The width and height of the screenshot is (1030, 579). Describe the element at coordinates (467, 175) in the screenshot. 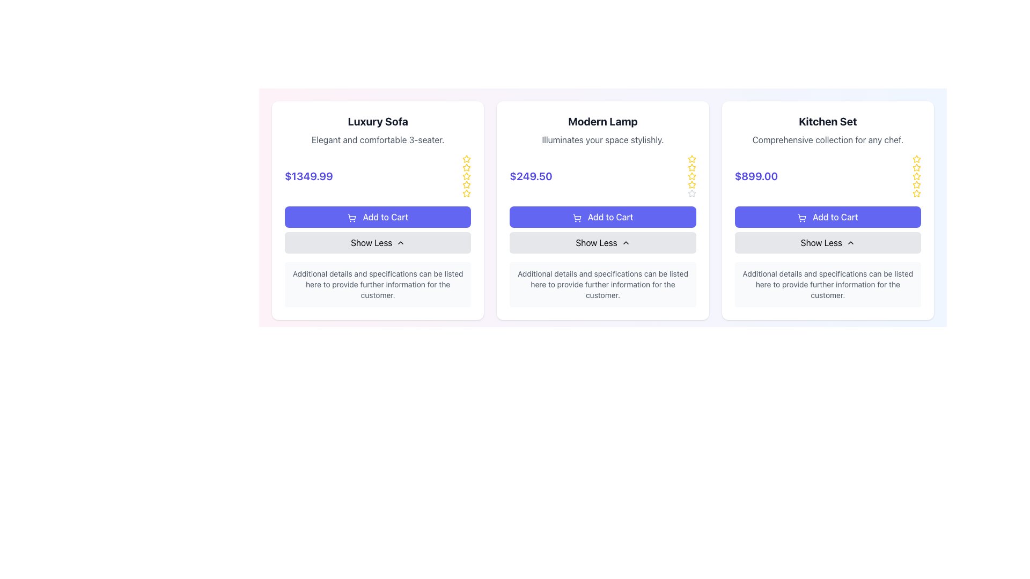

I see `the Rating Star icon in the Luxury Sofa item's detail card to provide rating feedback` at that location.